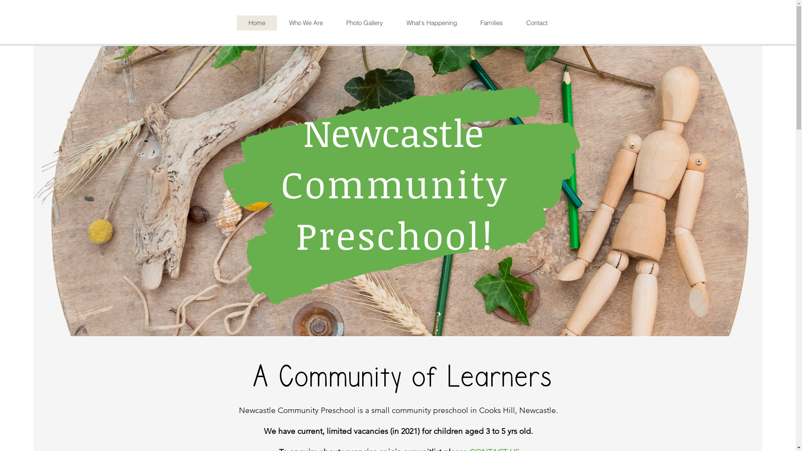 Image resolution: width=802 pixels, height=451 pixels. I want to click on 'Contact', so click(537, 22).